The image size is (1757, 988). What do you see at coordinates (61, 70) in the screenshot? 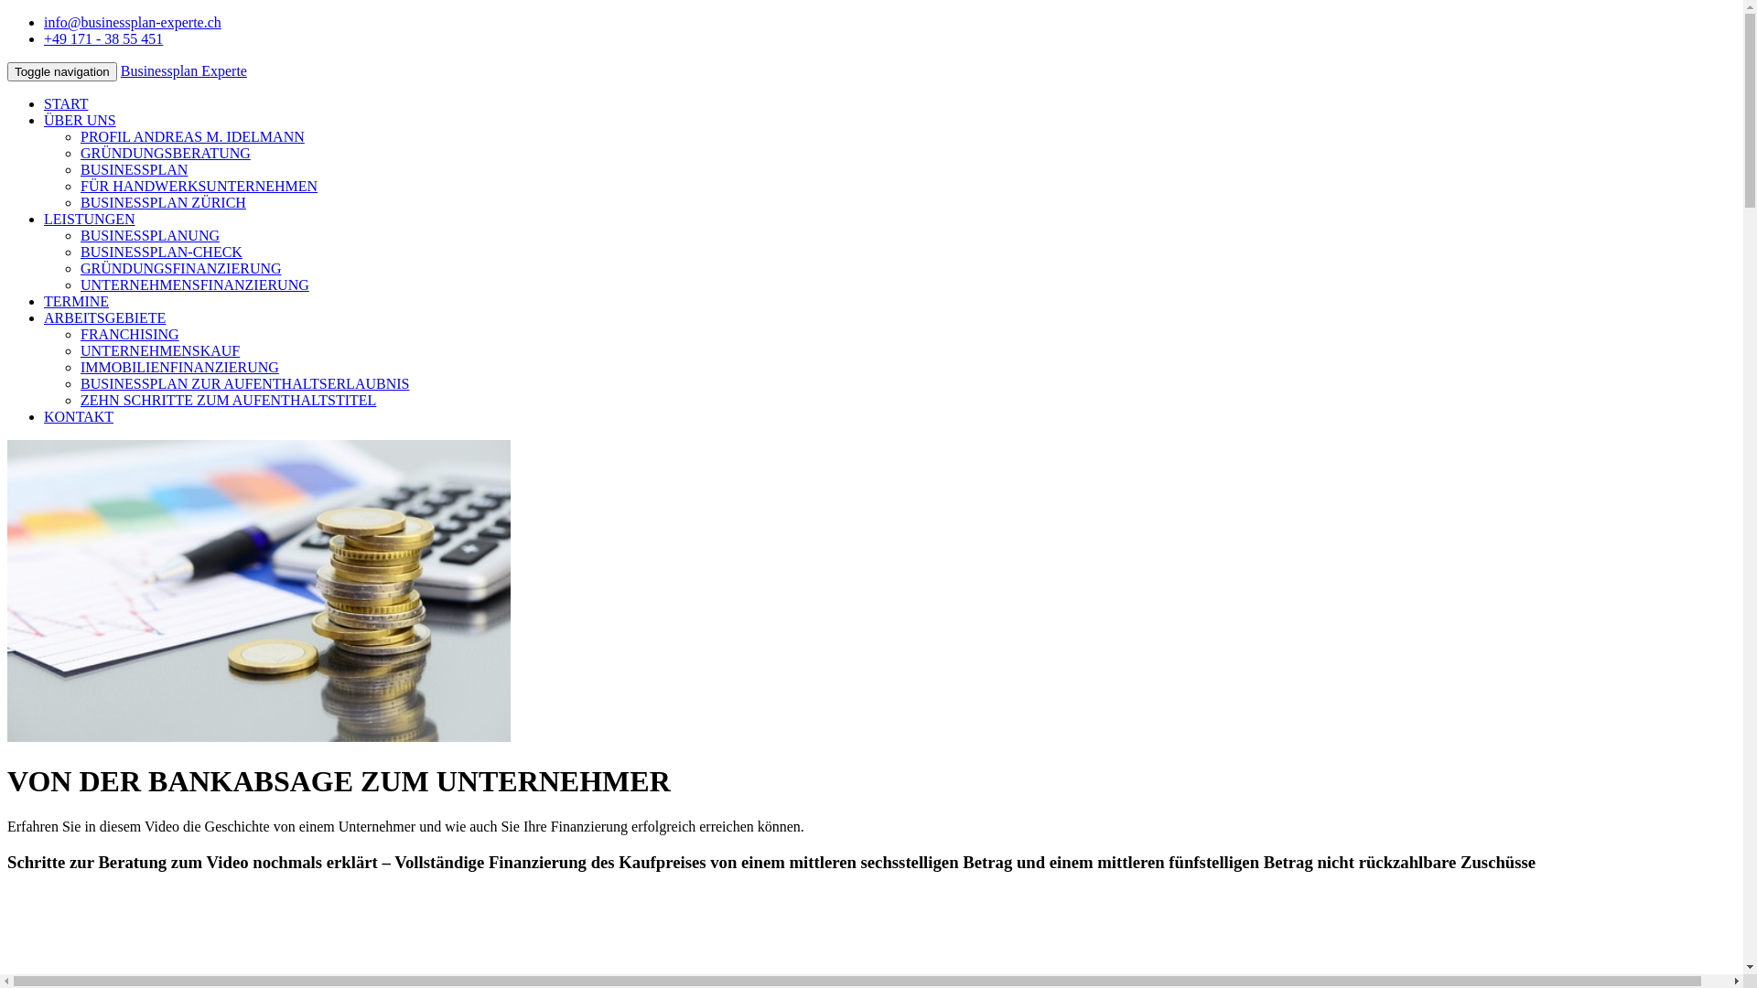
I see `'Toggle navigation'` at bounding box center [61, 70].